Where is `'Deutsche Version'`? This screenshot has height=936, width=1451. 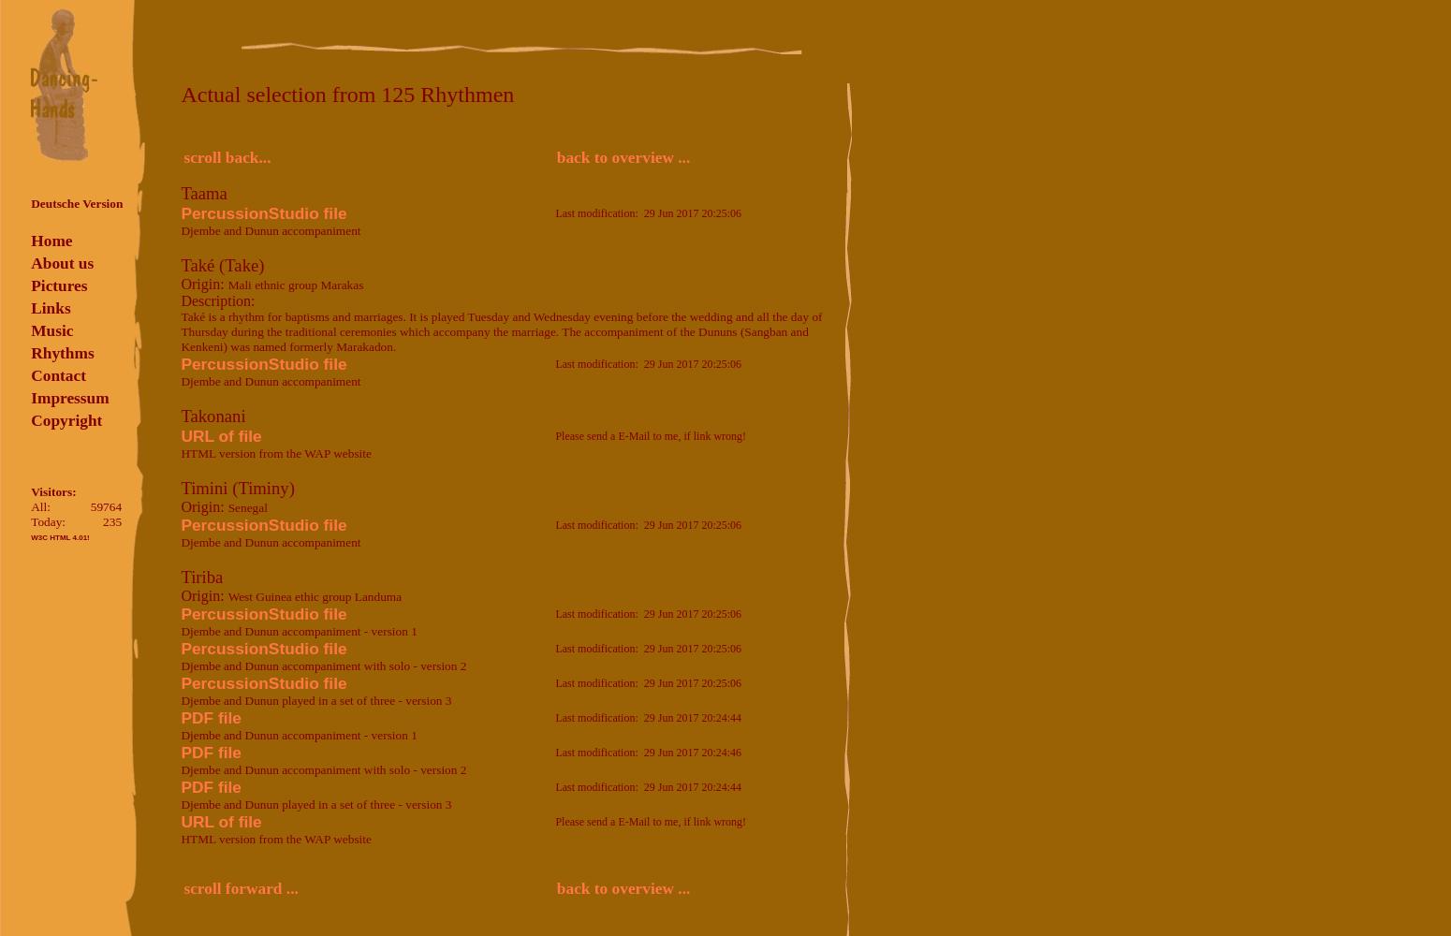 'Deutsche Version' is located at coordinates (76, 202).